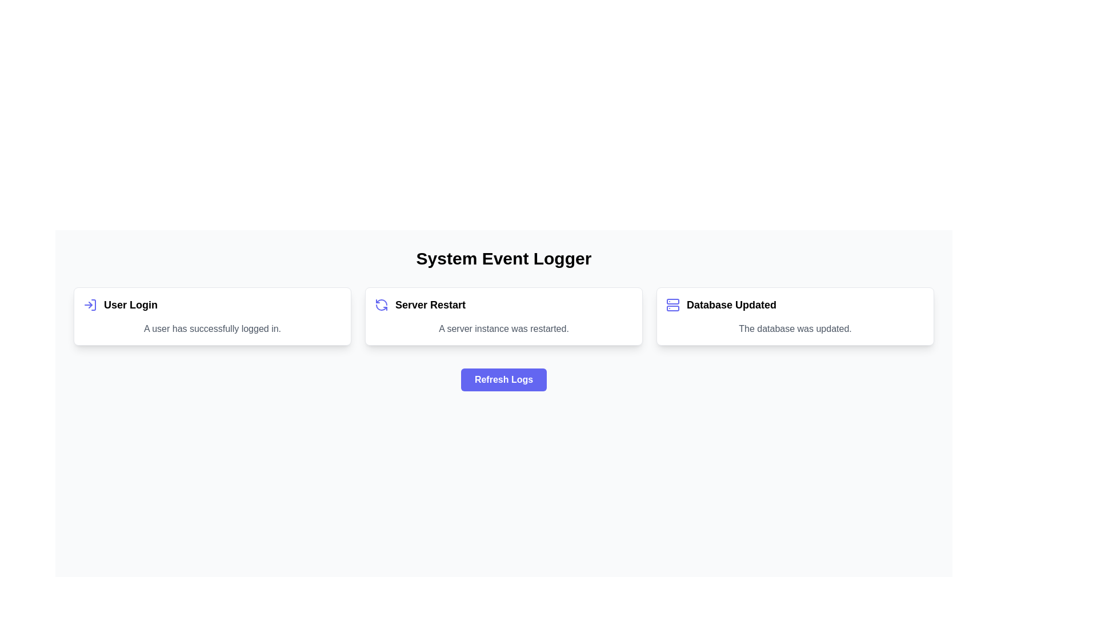 The height and width of the screenshot is (617, 1097). I want to click on the refresh button located at the center-bottom of the interface to refresh the displayed logs, so click(503, 379).